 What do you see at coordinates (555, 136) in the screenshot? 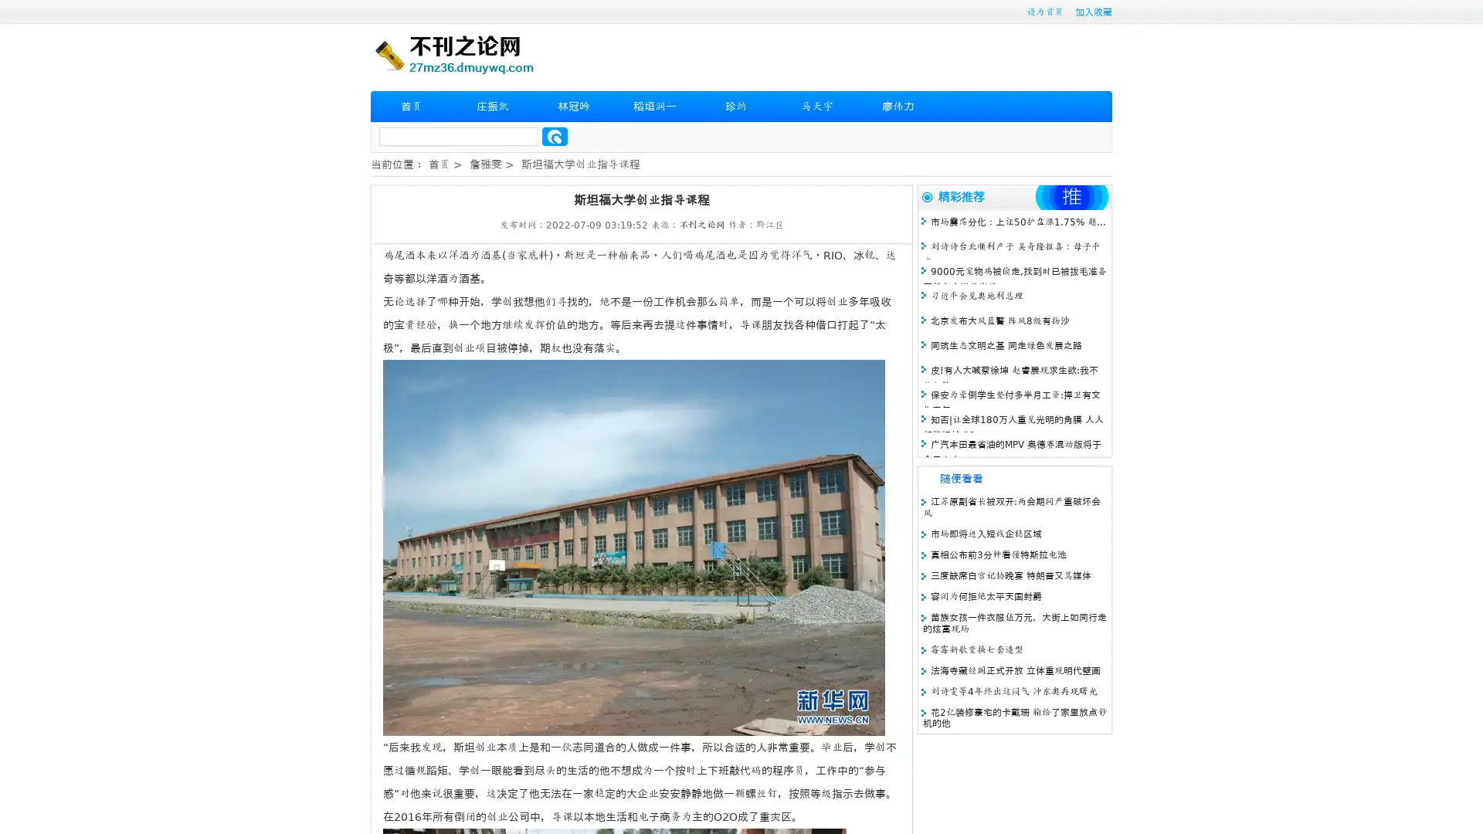
I see `Search` at bounding box center [555, 136].